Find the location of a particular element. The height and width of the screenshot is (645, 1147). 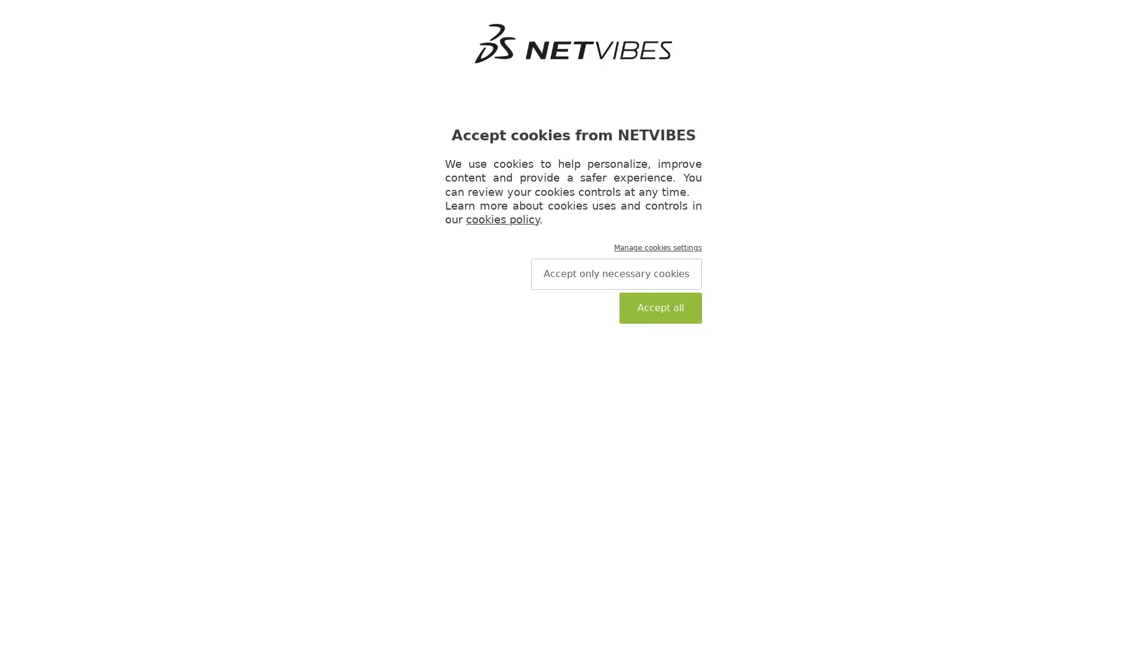

Accept all is located at coordinates (660, 307).